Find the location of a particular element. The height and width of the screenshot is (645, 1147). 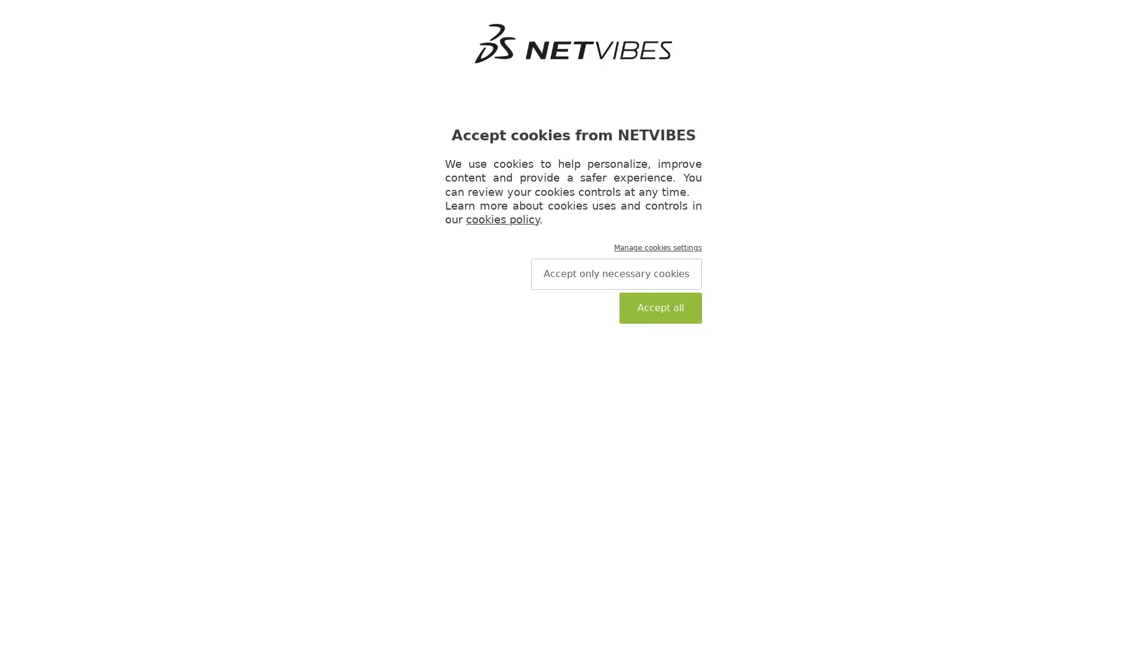

Accept all is located at coordinates (660, 307).